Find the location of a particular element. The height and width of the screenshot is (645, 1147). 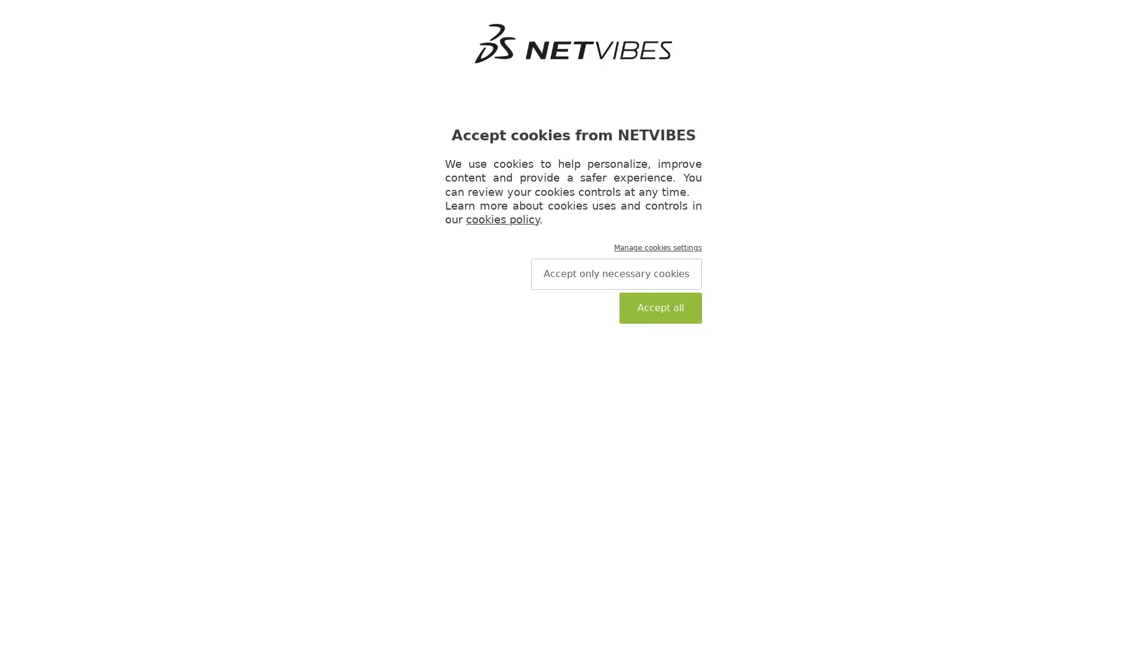

Accept all is located at coordinates (660, 307).